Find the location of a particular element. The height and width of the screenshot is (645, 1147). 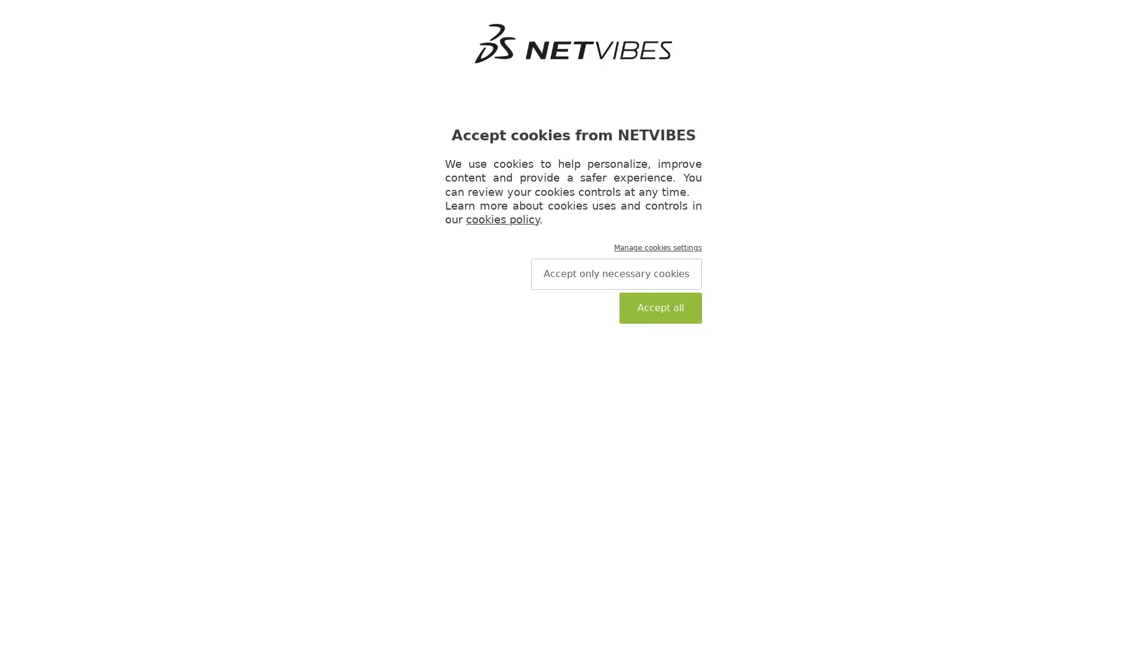

Accept all is located at coordinates (660, 307).